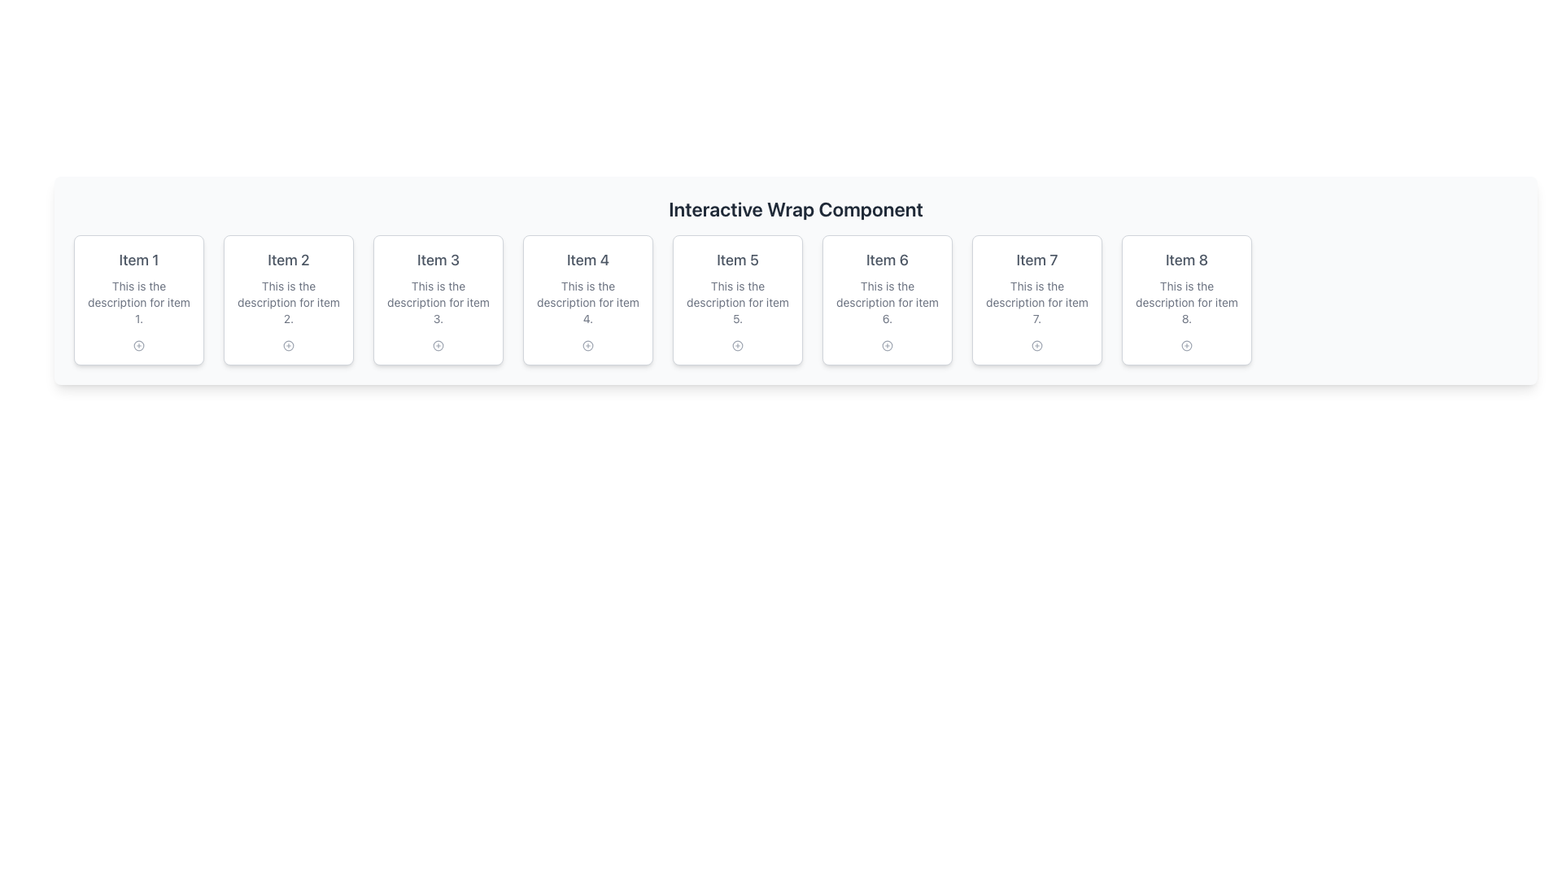 This screenshot has width=1562, height=879. I want to click on the text display element styled in small gray font that reads 'This is the description for item 4', located below the title 'Item 4', so click(587, 302).